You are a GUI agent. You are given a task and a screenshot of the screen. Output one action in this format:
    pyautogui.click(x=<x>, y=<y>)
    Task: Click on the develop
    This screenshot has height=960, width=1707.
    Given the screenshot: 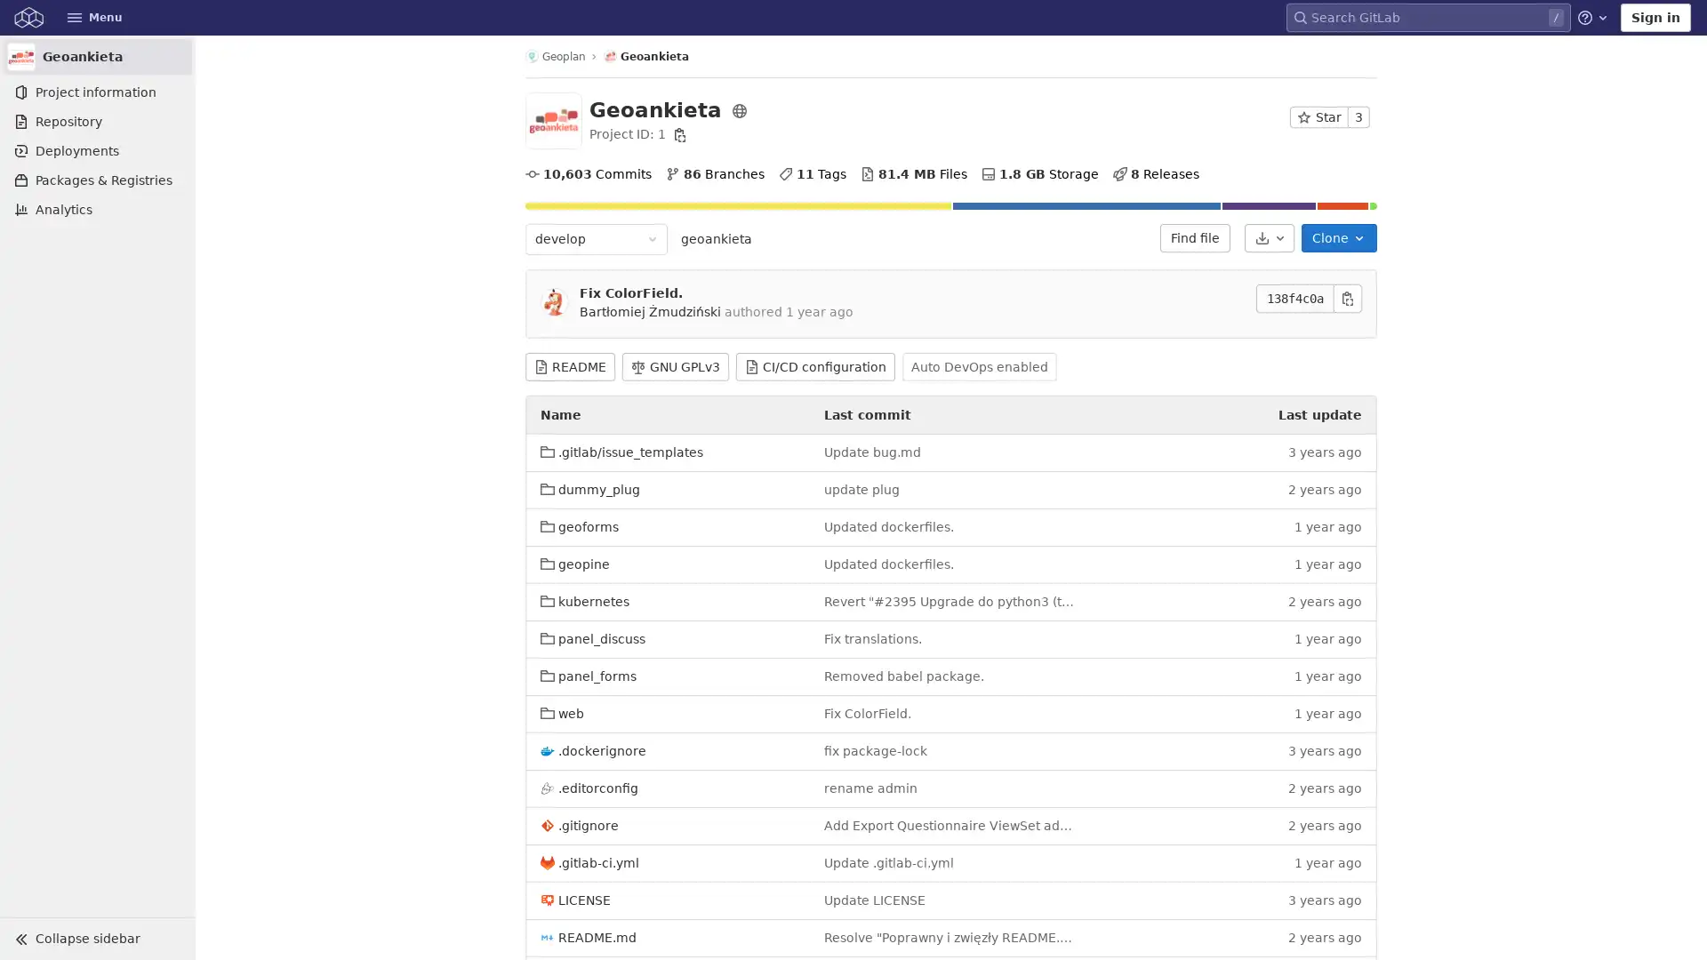 What is the action you would take?
    pyautogui.click(x=597, y=238)
    